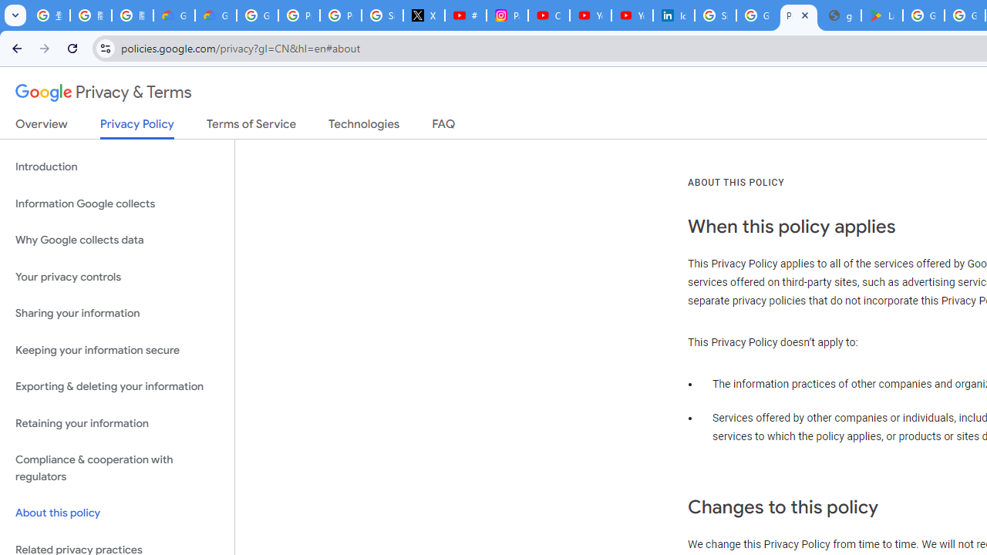 This screenshot has height=555, width=987. Describe the element at coordinates (882, 15) in the screenshot. I see `'Last Shelter: Survival - Apps on Google Play'` at that location.